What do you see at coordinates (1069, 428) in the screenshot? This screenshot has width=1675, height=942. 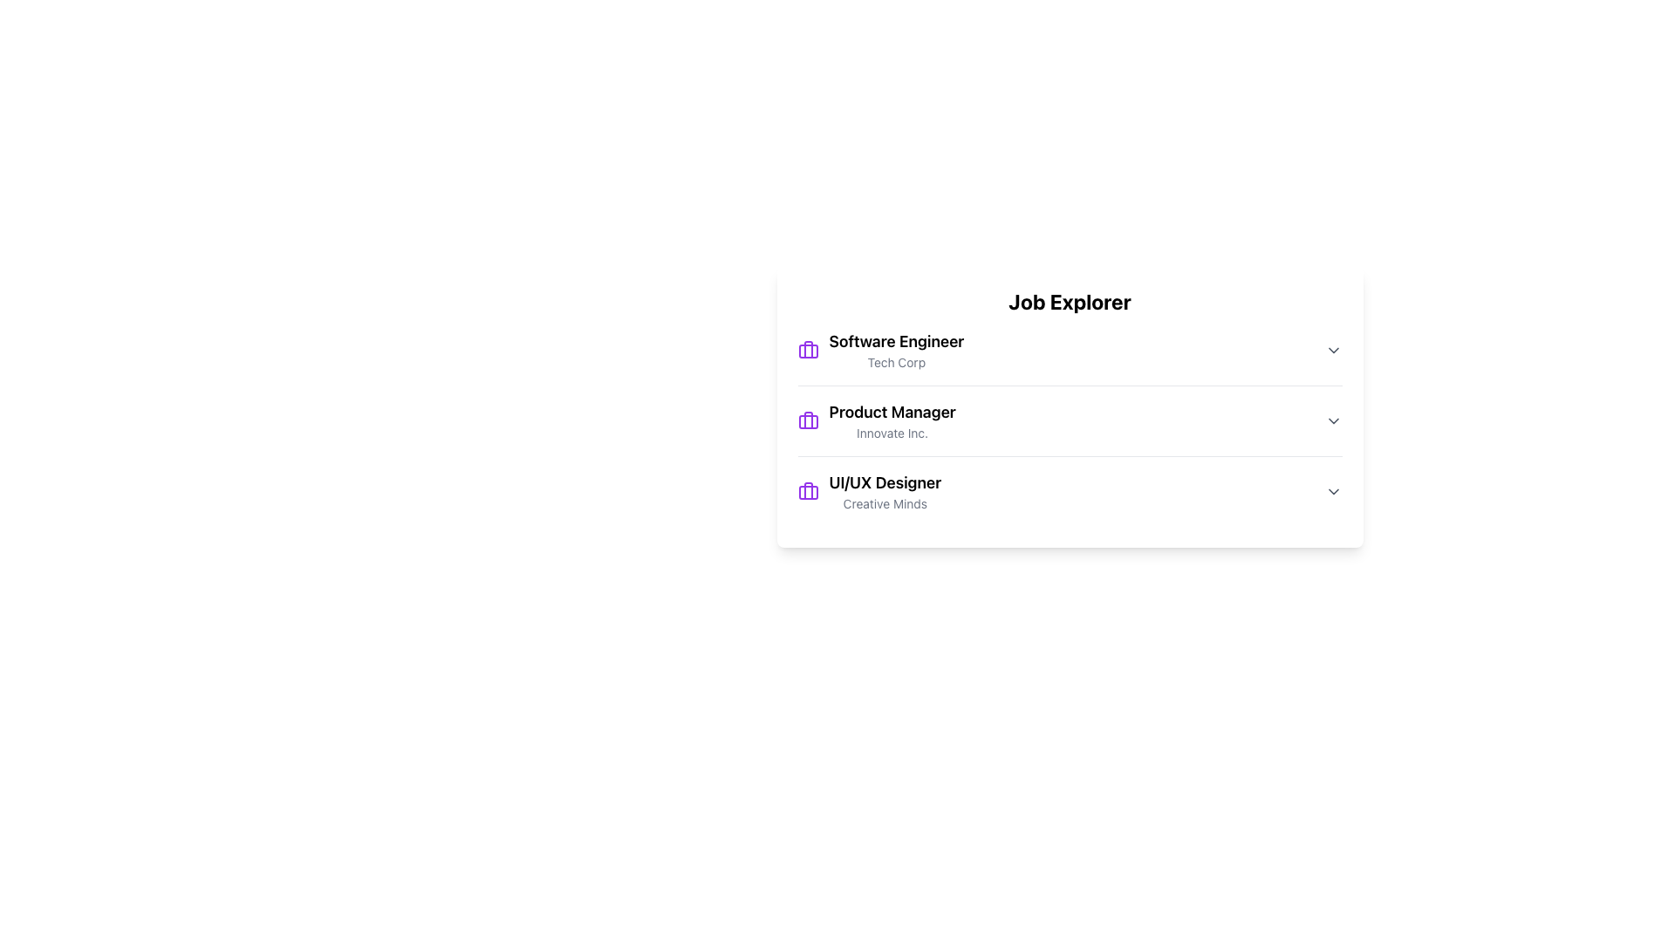 I see `the center of the job listing for the 'Product Manager' role at 'Innovate Inc.'` at bounding box center [1069, 428].